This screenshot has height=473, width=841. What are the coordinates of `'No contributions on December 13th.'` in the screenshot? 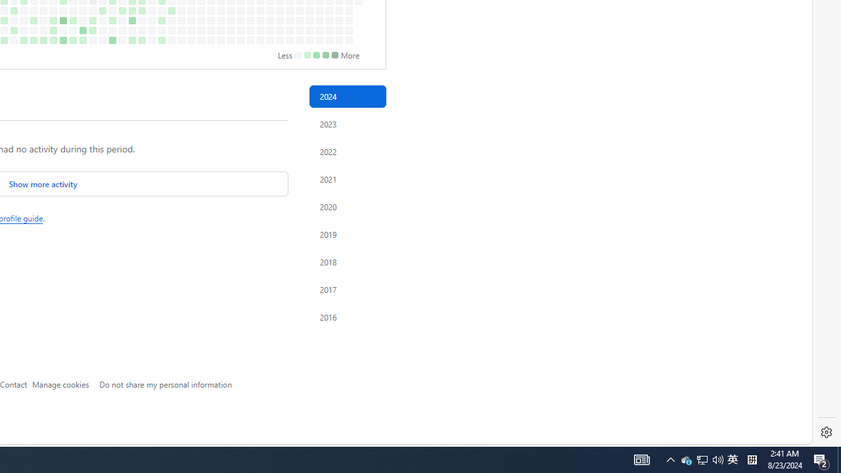 It's located at (329, 30).